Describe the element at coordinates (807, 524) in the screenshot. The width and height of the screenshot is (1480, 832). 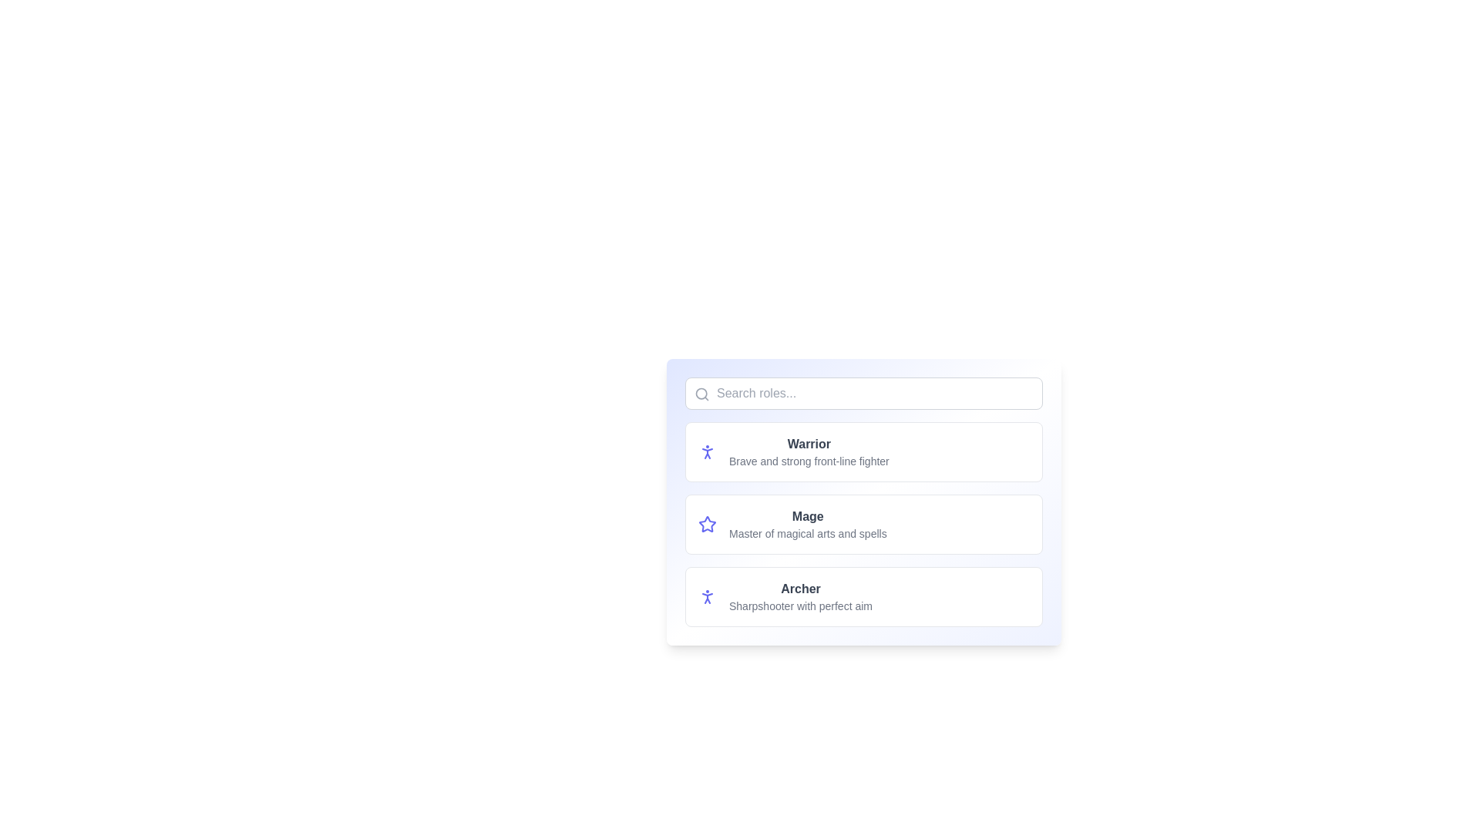
I see `the list item labeled 'Mage' which is the second item in a vertically stacked list of cards` at that location.